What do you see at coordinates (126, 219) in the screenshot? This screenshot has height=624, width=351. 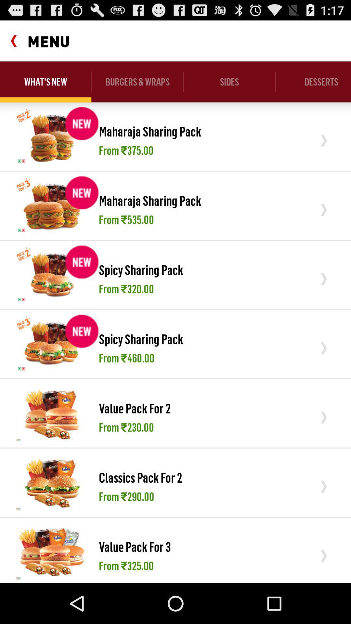 I see `the icon below maharaja sharing pack item` at bounding box center [126, 219].